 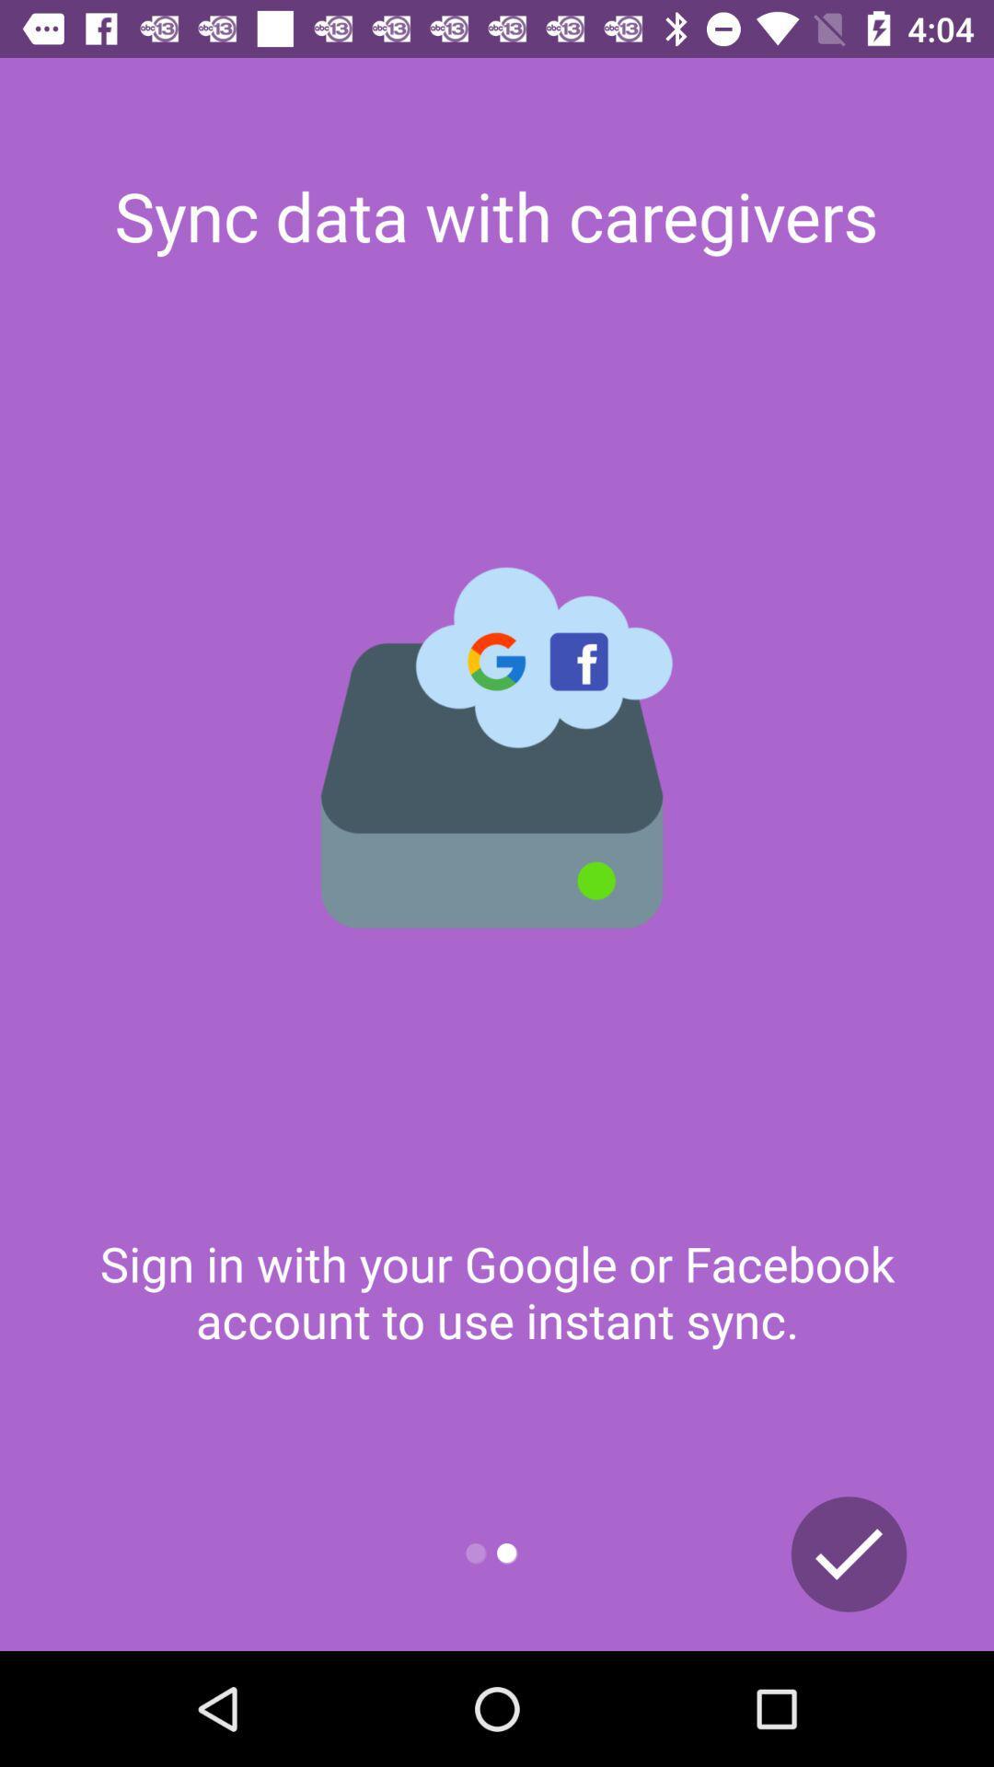 What do you see at coordinates (849, 1553) in the screenshot?
I see `the check icon` at bounding box center [849, 1553].